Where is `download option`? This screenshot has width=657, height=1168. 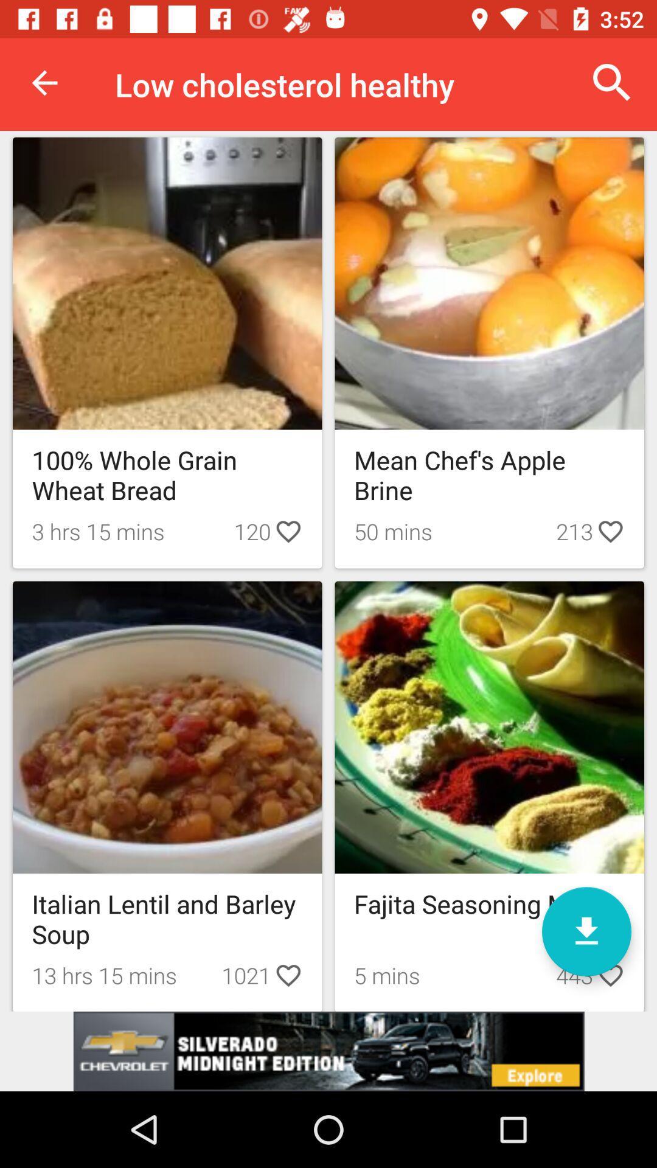
download option is located at coordinates (586, 931).